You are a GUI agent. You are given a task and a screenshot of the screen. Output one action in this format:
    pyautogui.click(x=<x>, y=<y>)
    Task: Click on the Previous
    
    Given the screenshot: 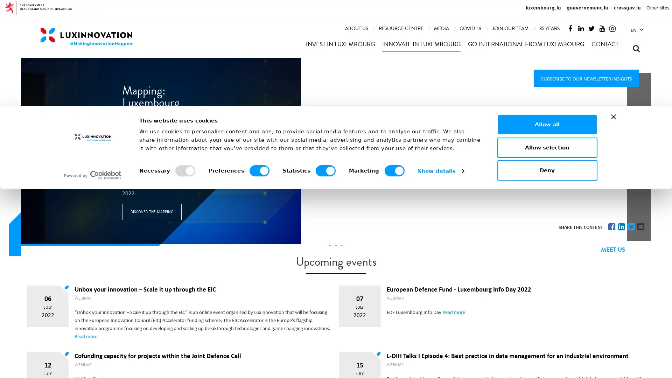 What is the action you would take?
    pyautogui.click(x=33, y=114)
    